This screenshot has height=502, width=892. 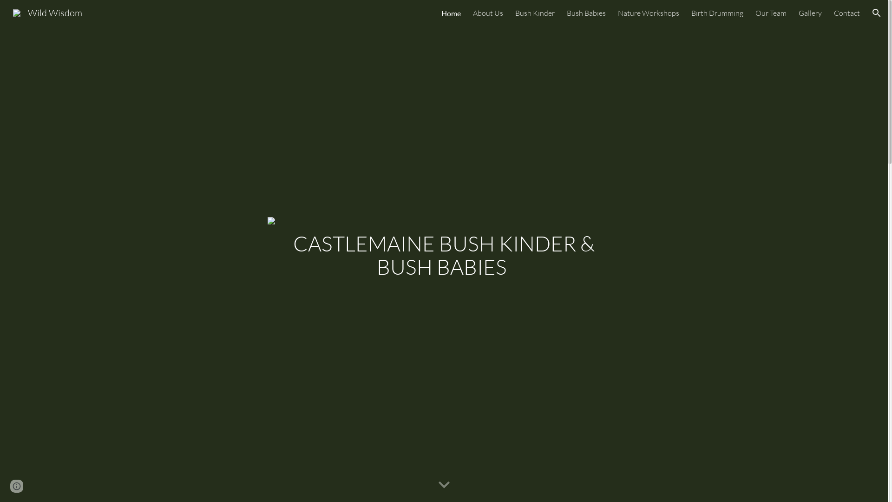 What do you see at coordinates (47, 12) in the screenshot?
I see `'Wild Wisdom'` at bounding box center [47, 12].